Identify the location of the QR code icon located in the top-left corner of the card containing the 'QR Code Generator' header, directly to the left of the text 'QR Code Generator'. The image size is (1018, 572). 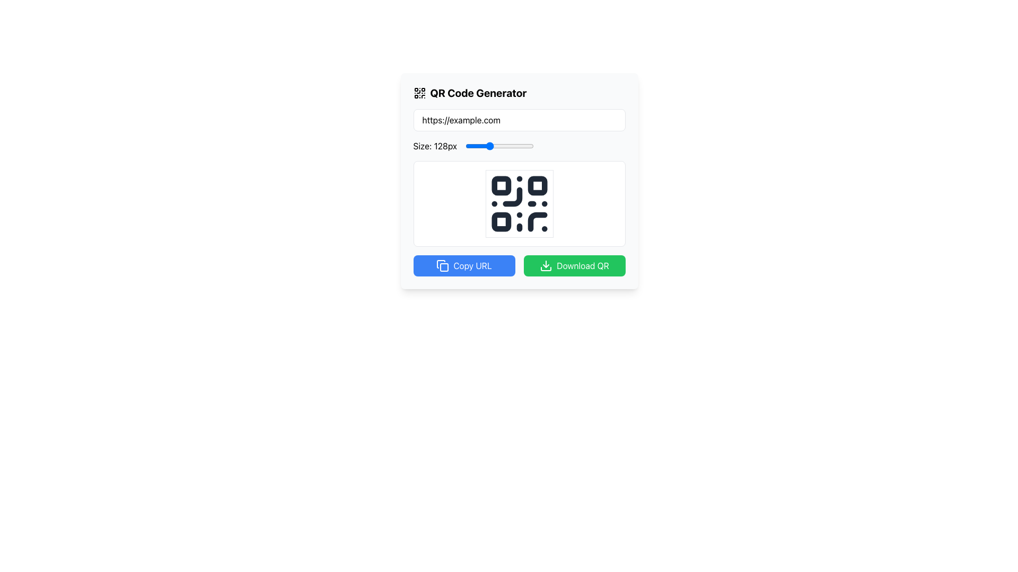
(419, 93).